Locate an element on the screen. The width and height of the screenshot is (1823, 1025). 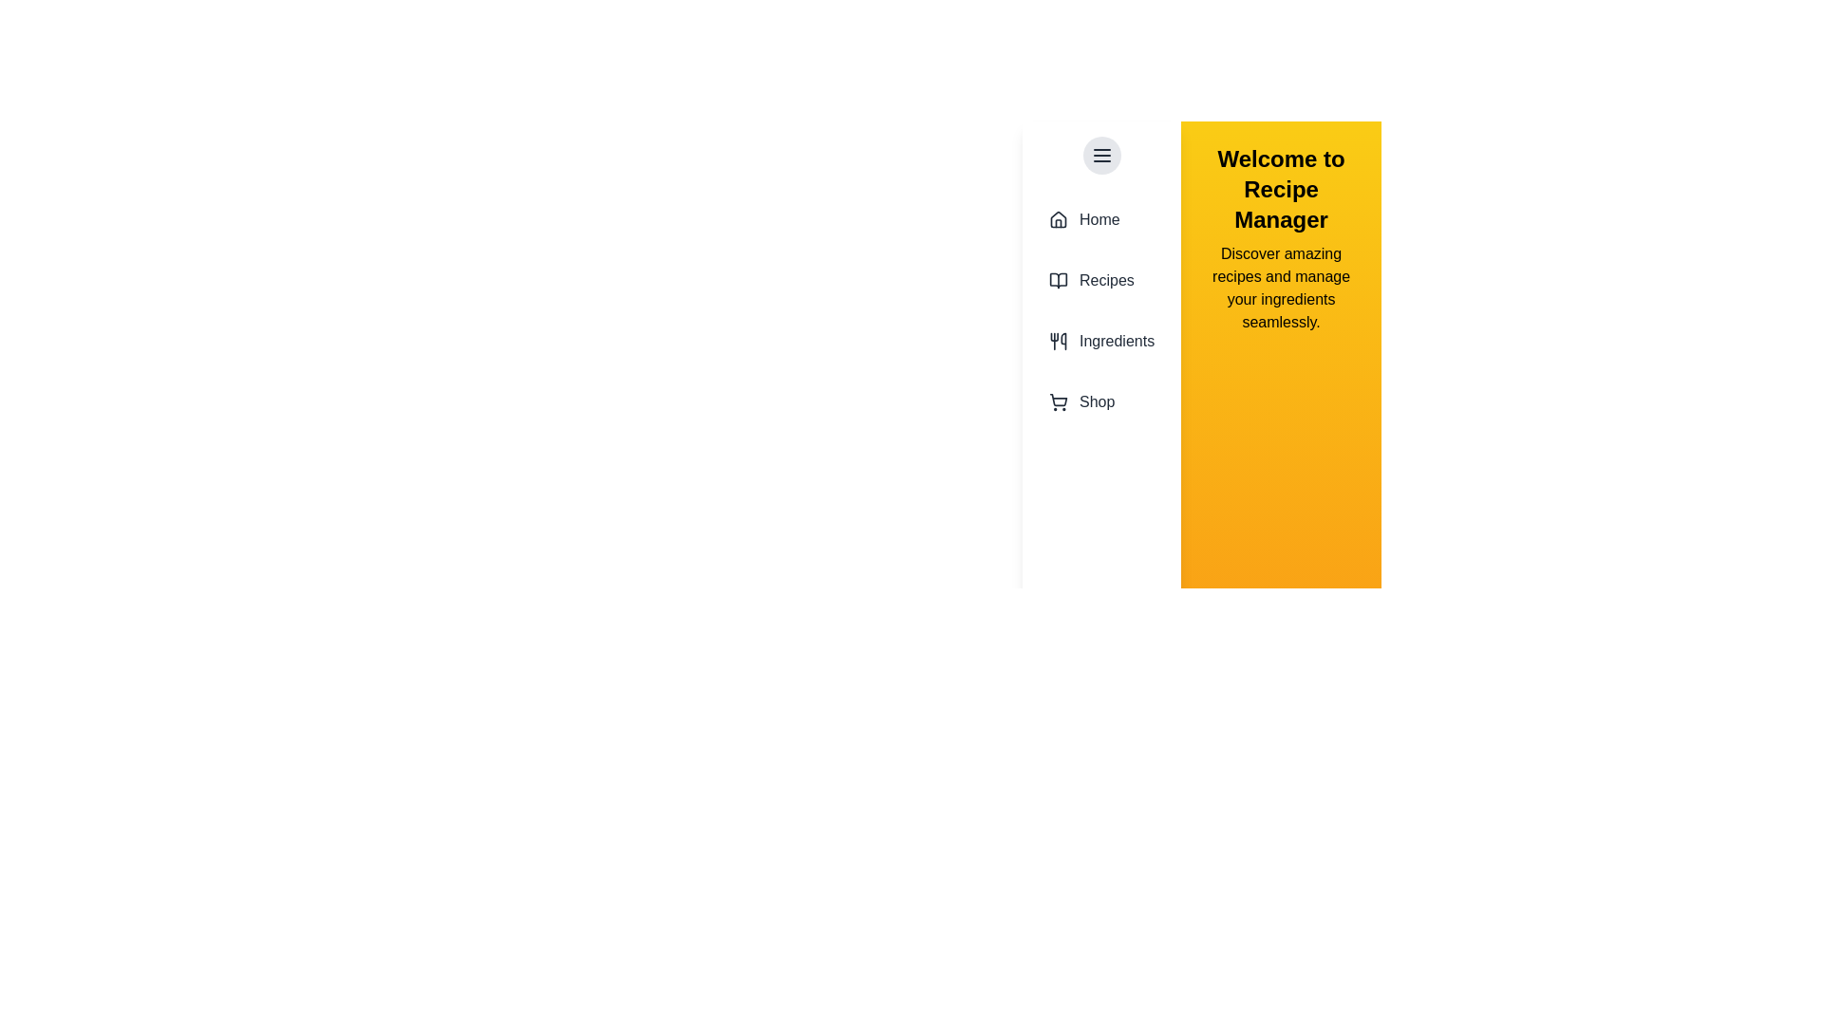
the category item labeled Ingredients in the drawer is located at coordinates (1101, 340).